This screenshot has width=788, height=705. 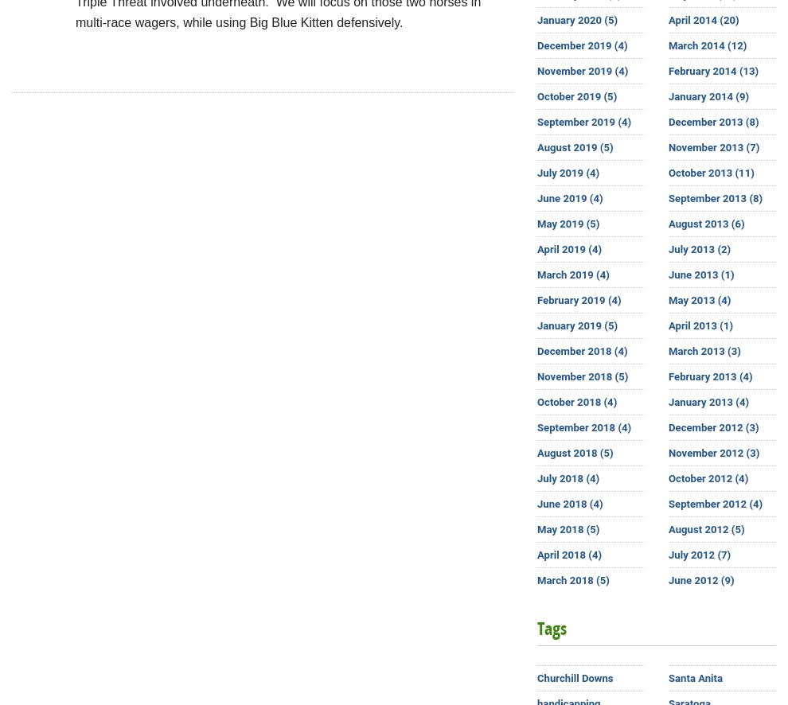 What do you see at coordinates (706, 528) in the screenshot?
I see `'August 2012 (5)'` at bounding box center [706, 528].